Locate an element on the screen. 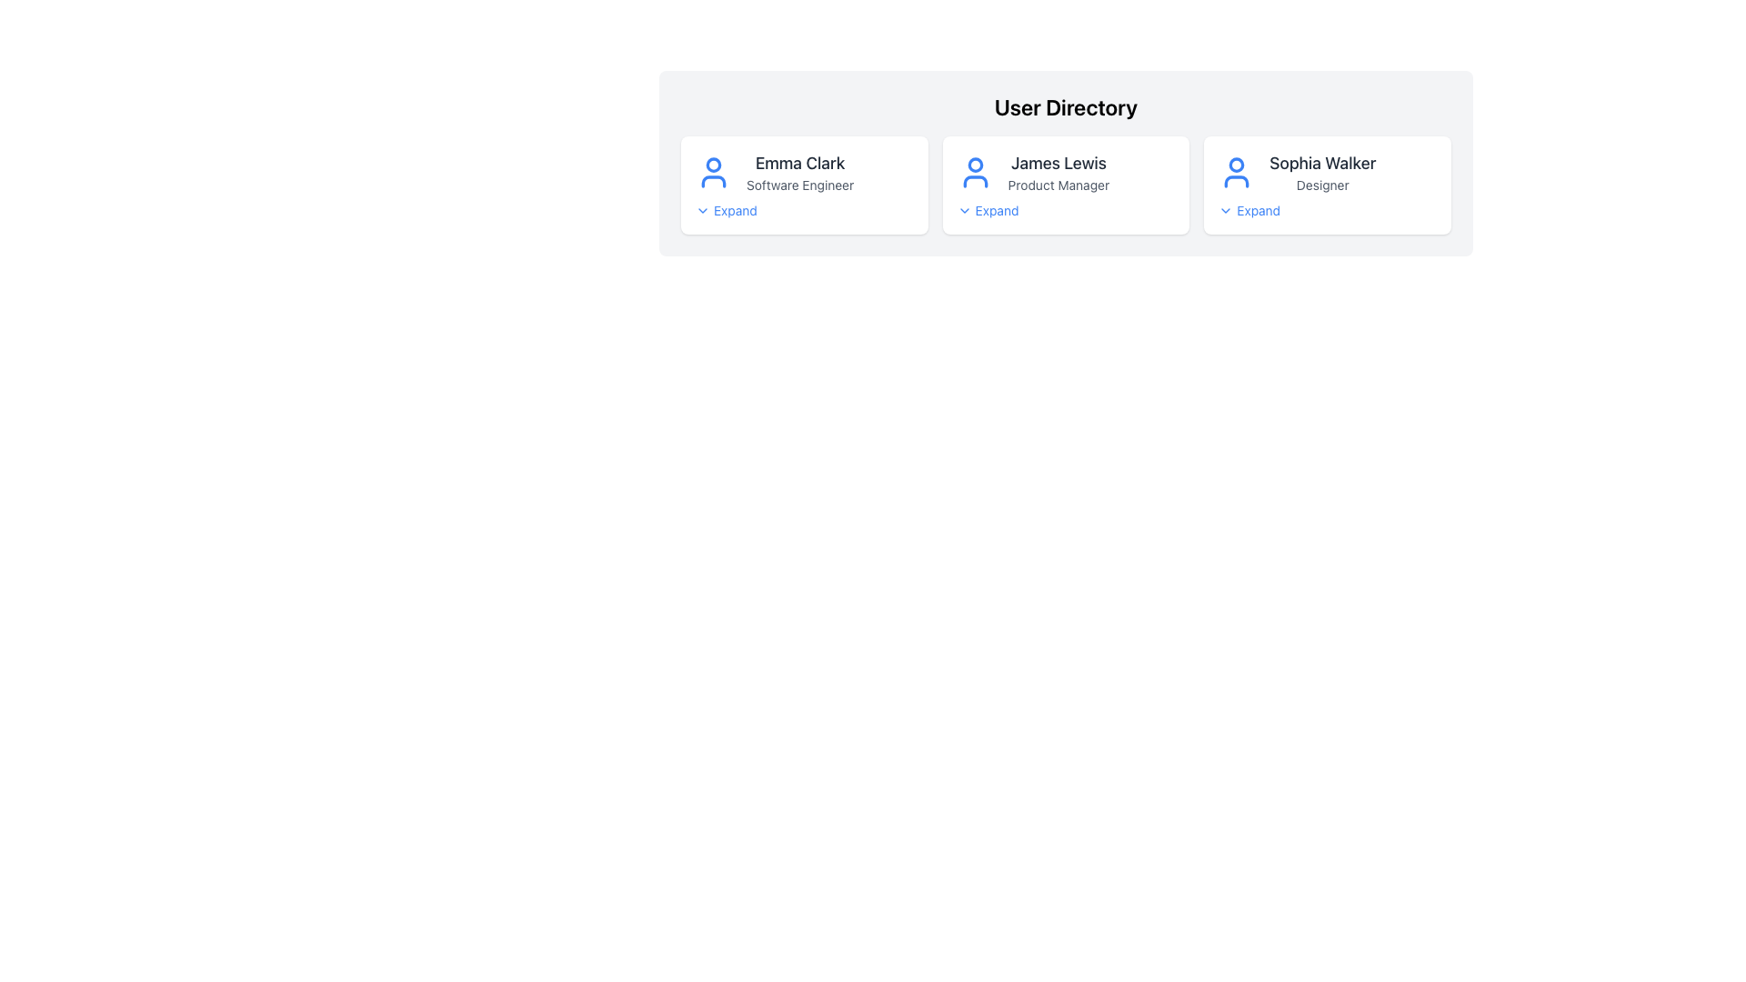  the text label that describes the user's profession or role, located below the 'Emma Clark' heading in the upper-left profile card of the 'User Directory' section is located at coordinates (800, 185).